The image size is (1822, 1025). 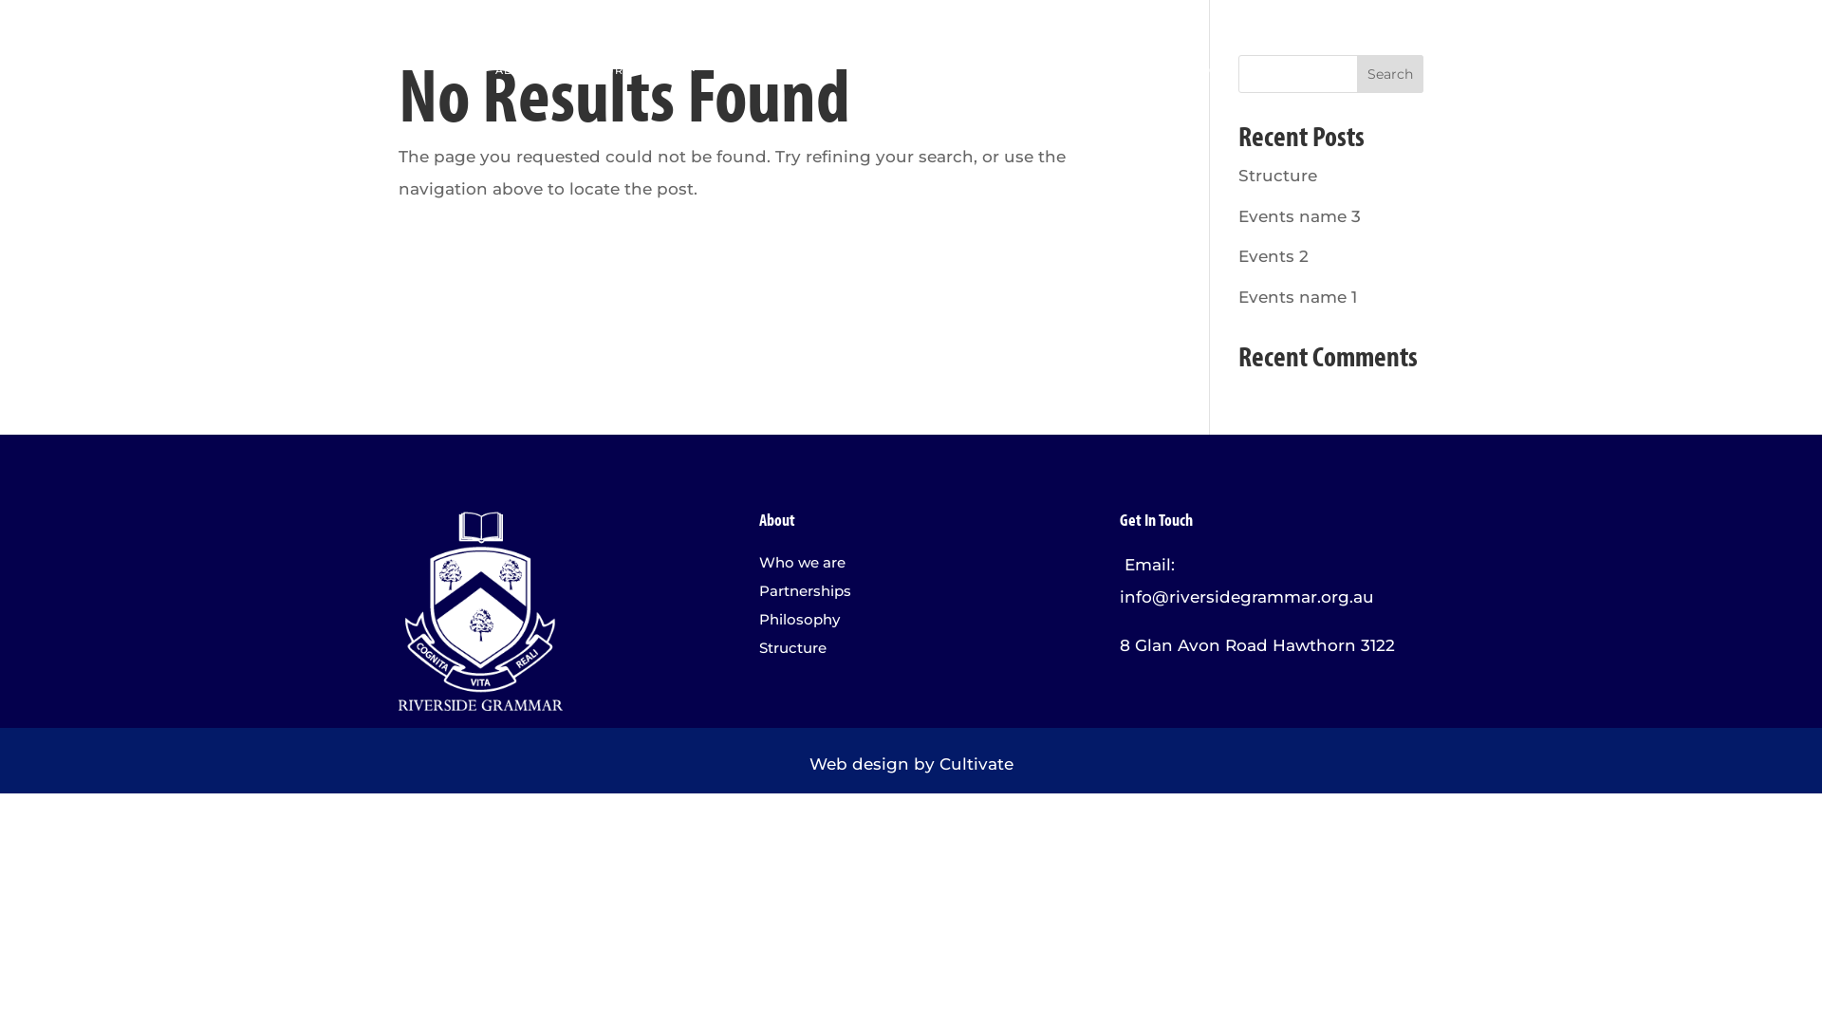 What do you see at coordinates (1274, 256) in the screenshot?
I see `'Events 2'` at bounding box center [1274, 256].